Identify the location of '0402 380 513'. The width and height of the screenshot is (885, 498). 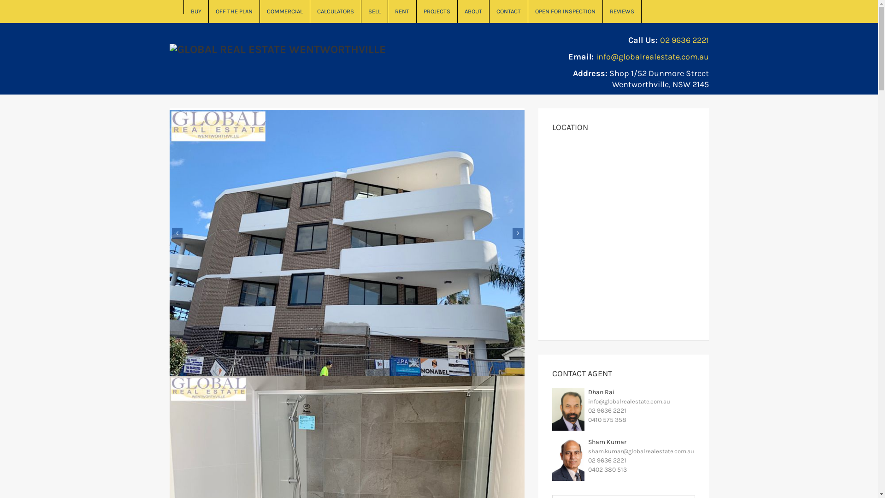
(608, 469).